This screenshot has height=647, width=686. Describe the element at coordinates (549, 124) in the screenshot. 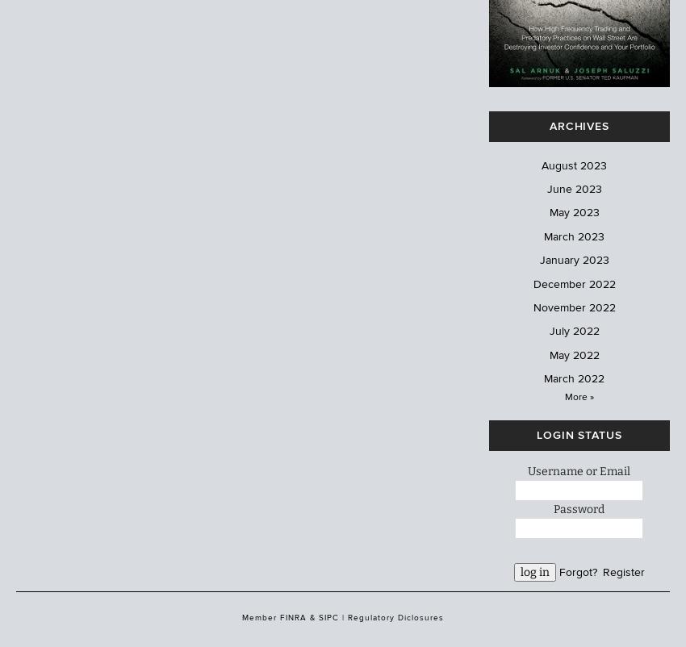

I see `'Archives'` at that location.